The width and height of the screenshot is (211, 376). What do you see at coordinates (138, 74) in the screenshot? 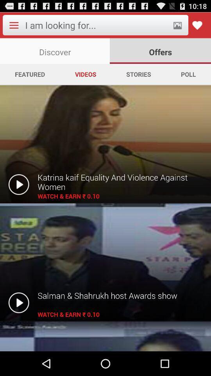
I see `stories` at bounding box center [138, 74].